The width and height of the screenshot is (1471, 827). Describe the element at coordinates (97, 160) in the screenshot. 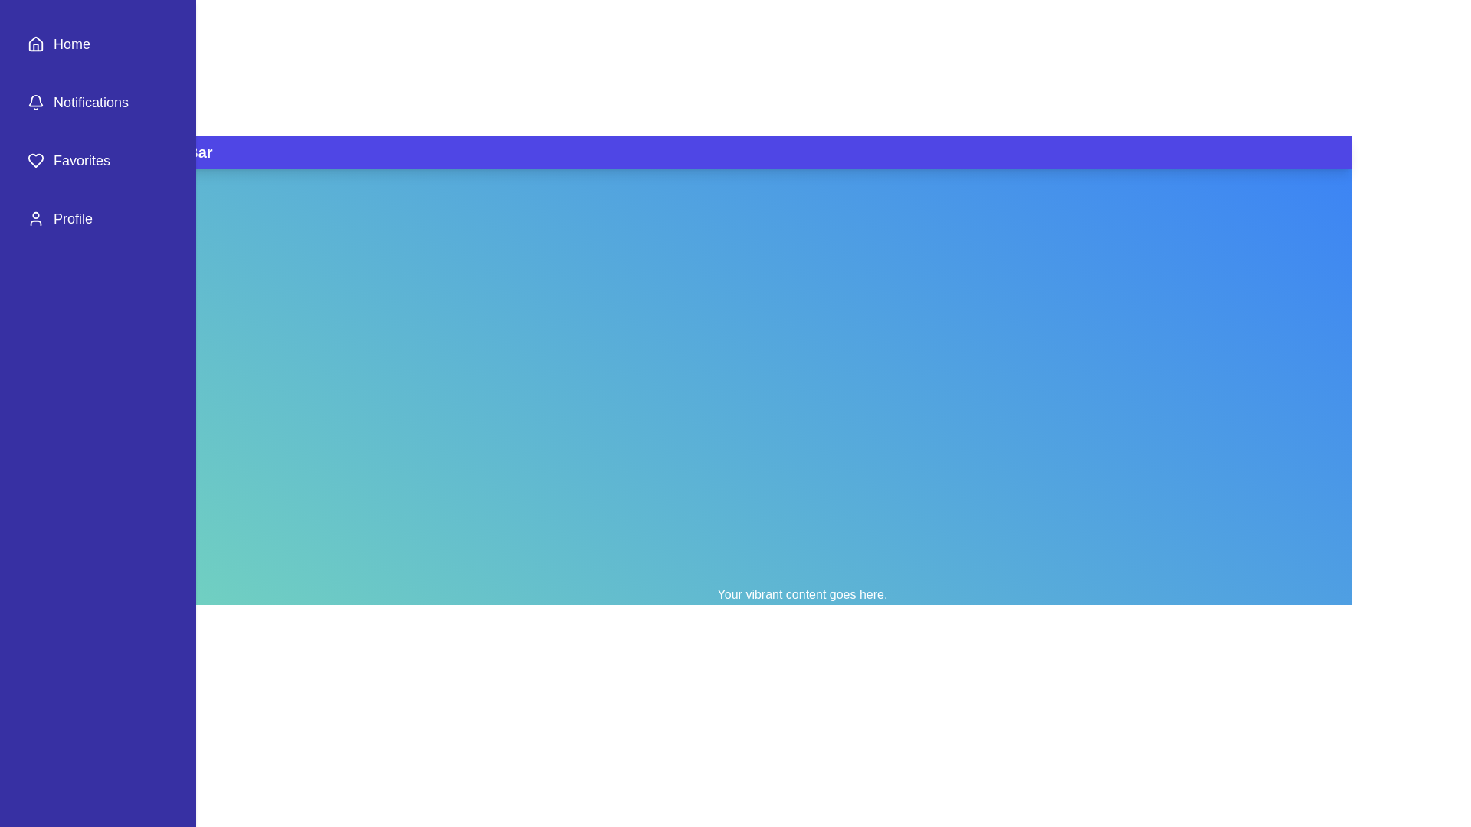

I see `the sidebar item Favorites to reveal its hover effect` at that location.